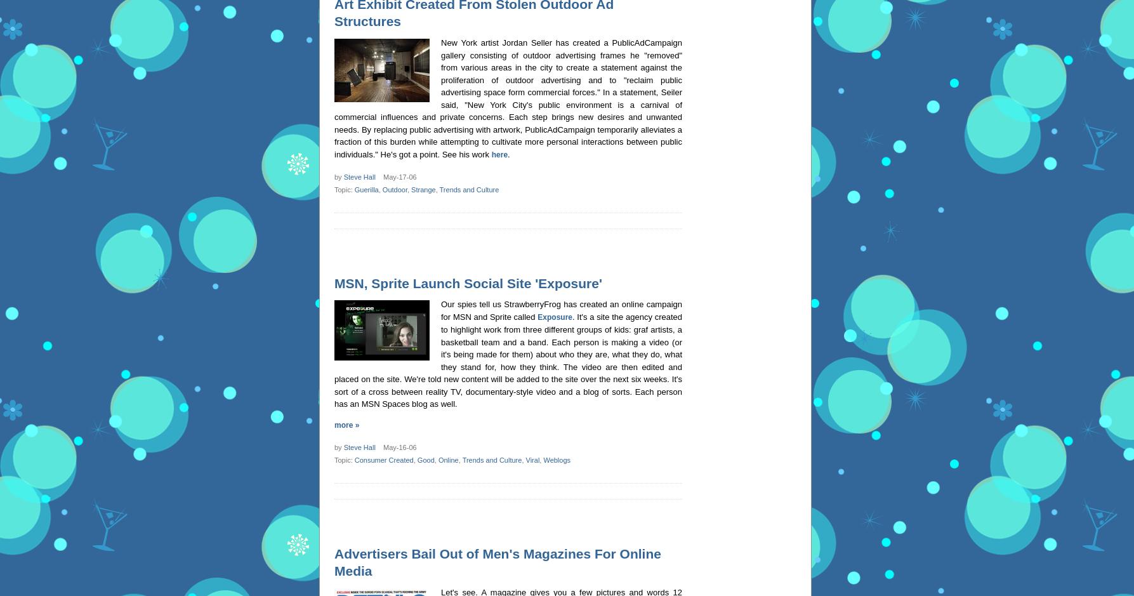  What do you see at coordinates (561, 310) in the screenshot?
I see `'Our spies tell us StrawberryFrog has created an online campaign for MSN and Sprite called'` at bounding box center [561, 310].